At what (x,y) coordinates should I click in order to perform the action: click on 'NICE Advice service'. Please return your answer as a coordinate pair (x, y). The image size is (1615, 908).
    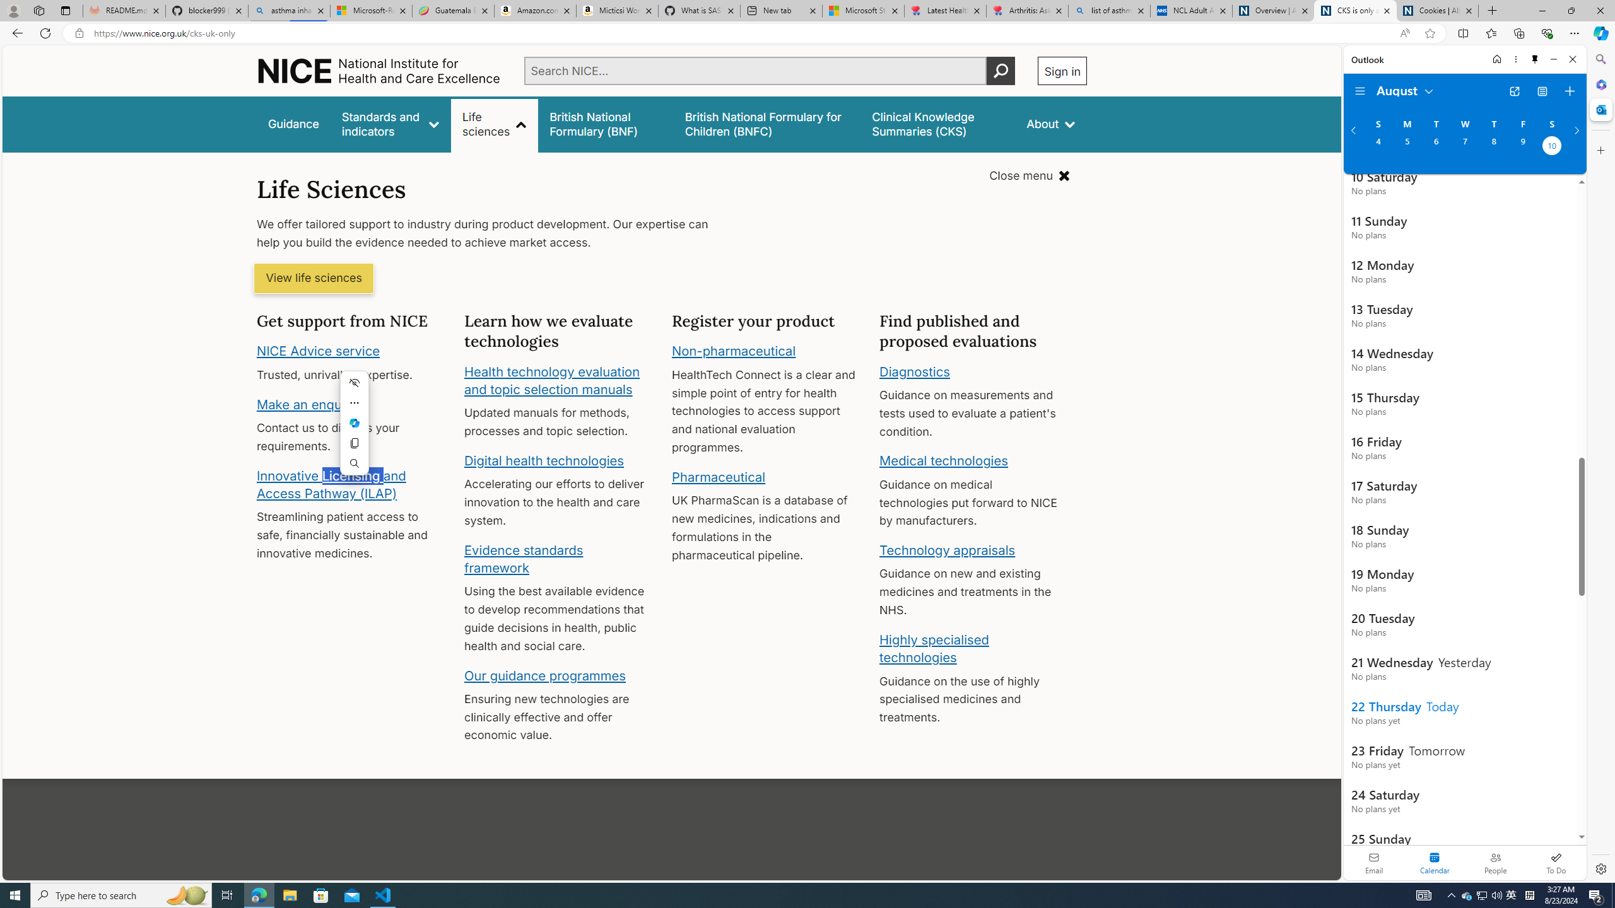
    Looking at the image, I should click on (319, 351).